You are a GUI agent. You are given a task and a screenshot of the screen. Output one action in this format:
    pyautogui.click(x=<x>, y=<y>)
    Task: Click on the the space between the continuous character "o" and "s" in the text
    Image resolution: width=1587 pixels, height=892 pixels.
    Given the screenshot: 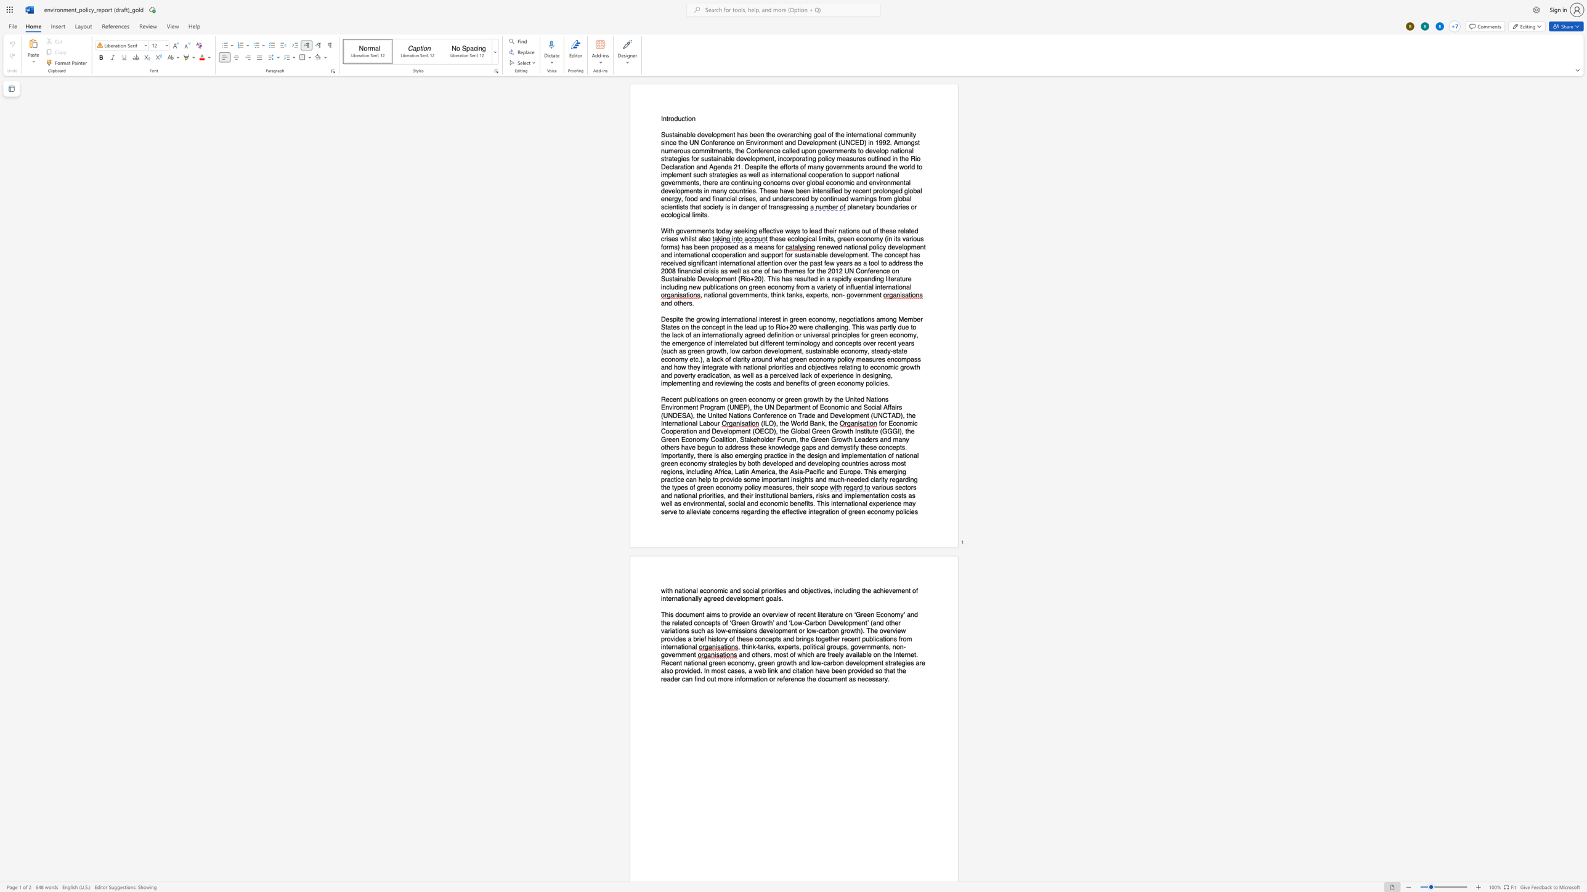 What is the action you would take?
    pyautogui.click(x=727, y=246)
    